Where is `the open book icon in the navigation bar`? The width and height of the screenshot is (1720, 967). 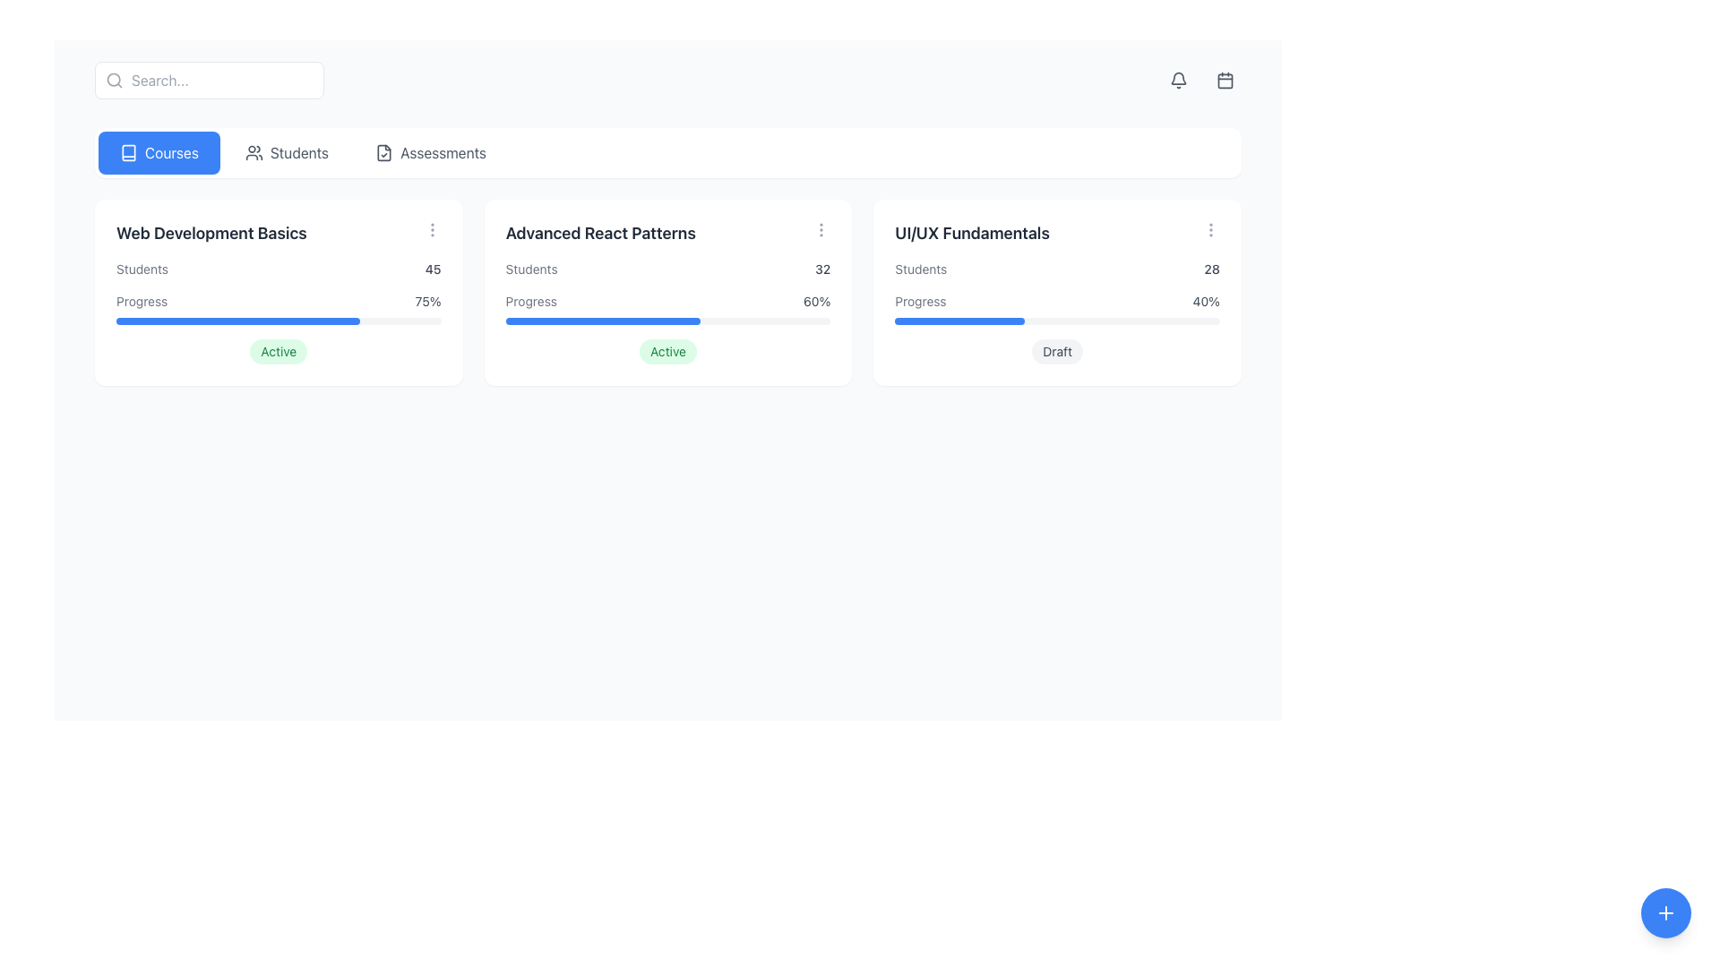
the open book icon in the navigation bar is located at coordinates (128, 151).